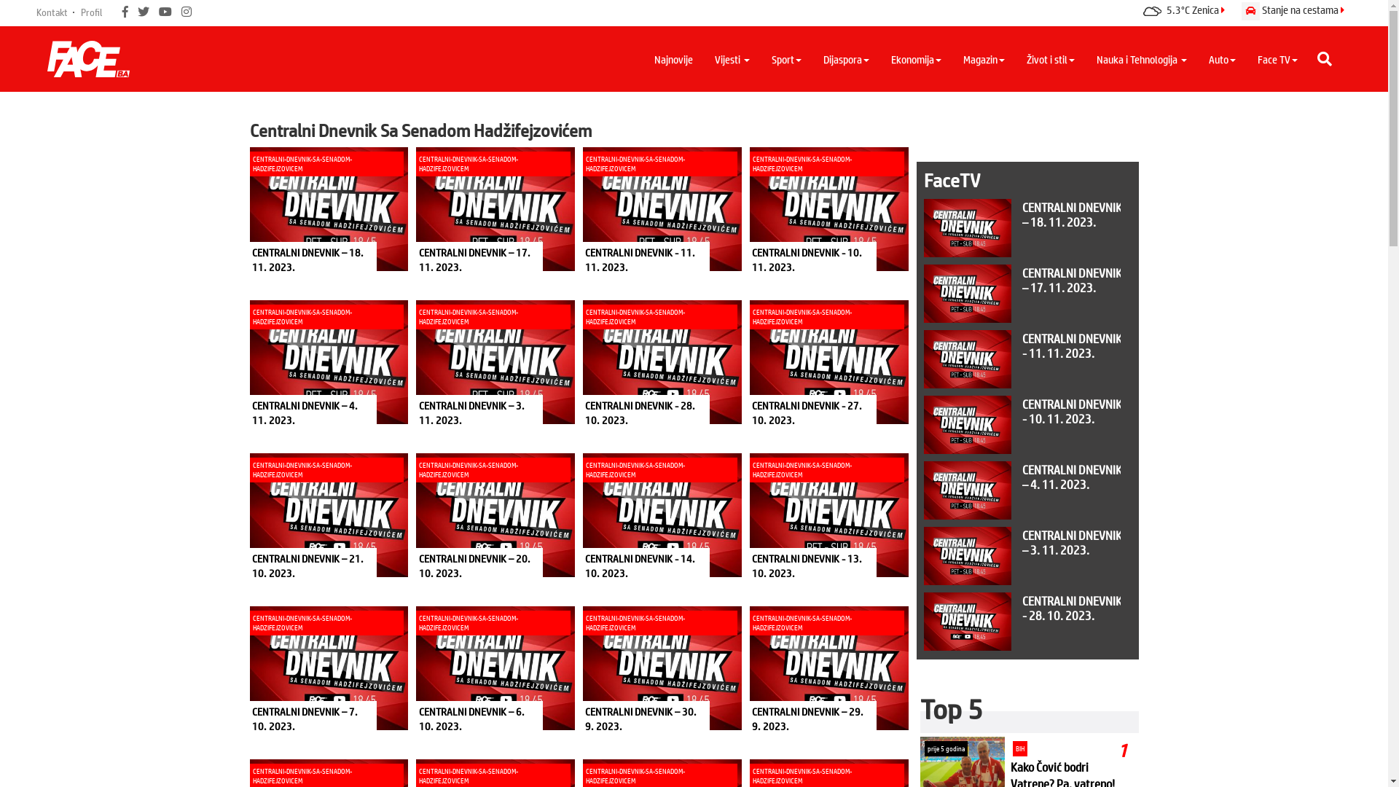 Image resolution: width=1399 pixels, height=787 pixels. I want to click on 'Nauka i Tehnologija', so click(1140, 58).